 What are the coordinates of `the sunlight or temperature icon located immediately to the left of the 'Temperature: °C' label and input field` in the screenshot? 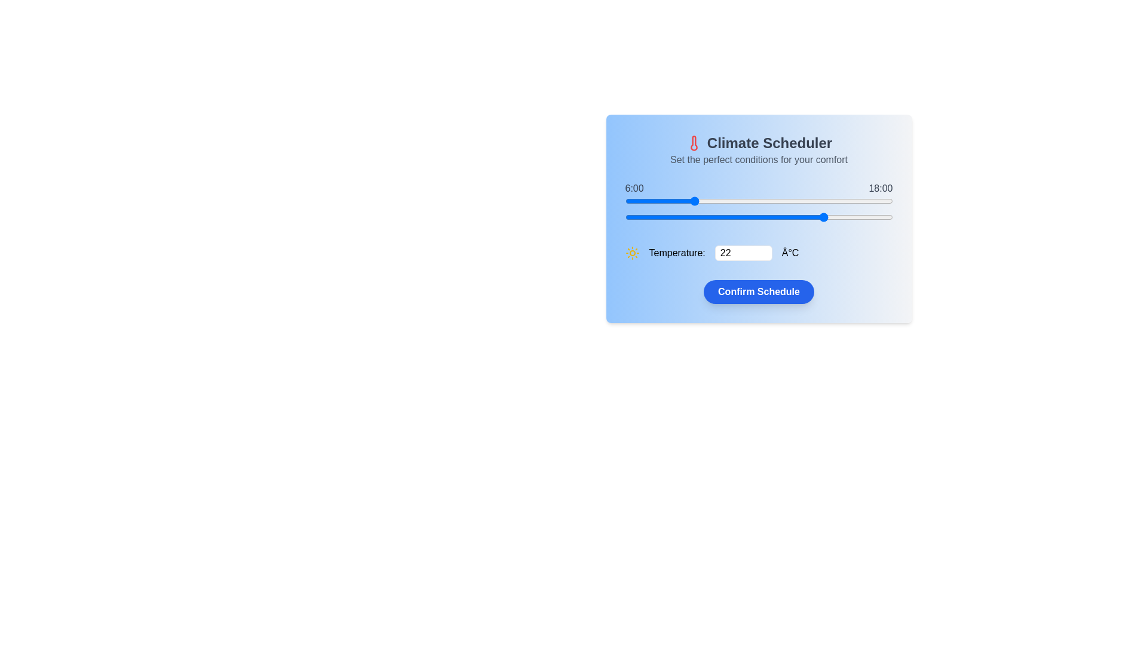 It's located at (631, 253).